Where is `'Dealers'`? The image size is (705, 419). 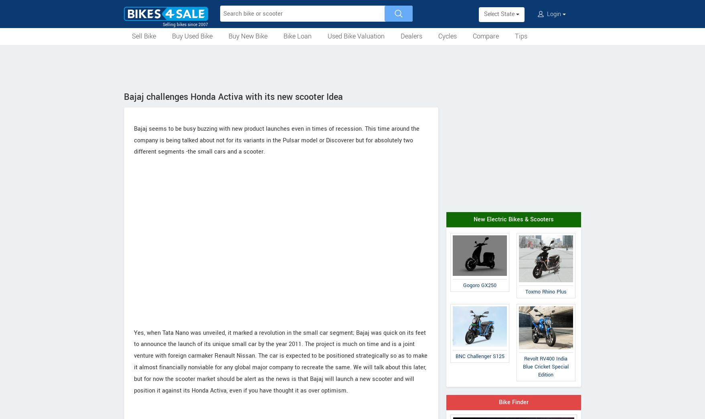 'Dealers' is located at coordinates (411, 36).